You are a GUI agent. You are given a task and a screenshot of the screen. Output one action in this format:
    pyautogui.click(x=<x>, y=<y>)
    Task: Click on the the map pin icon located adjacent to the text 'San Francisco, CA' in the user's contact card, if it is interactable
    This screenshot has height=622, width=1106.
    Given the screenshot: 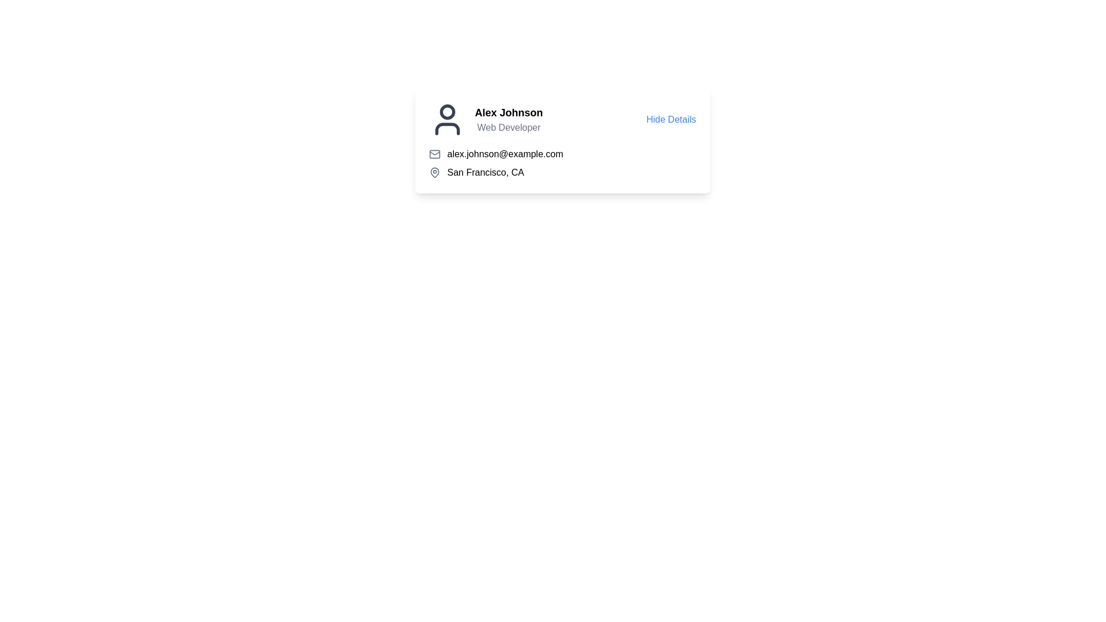 What is the action you would take?
    pyautogui.click(x=434, y=173)
    